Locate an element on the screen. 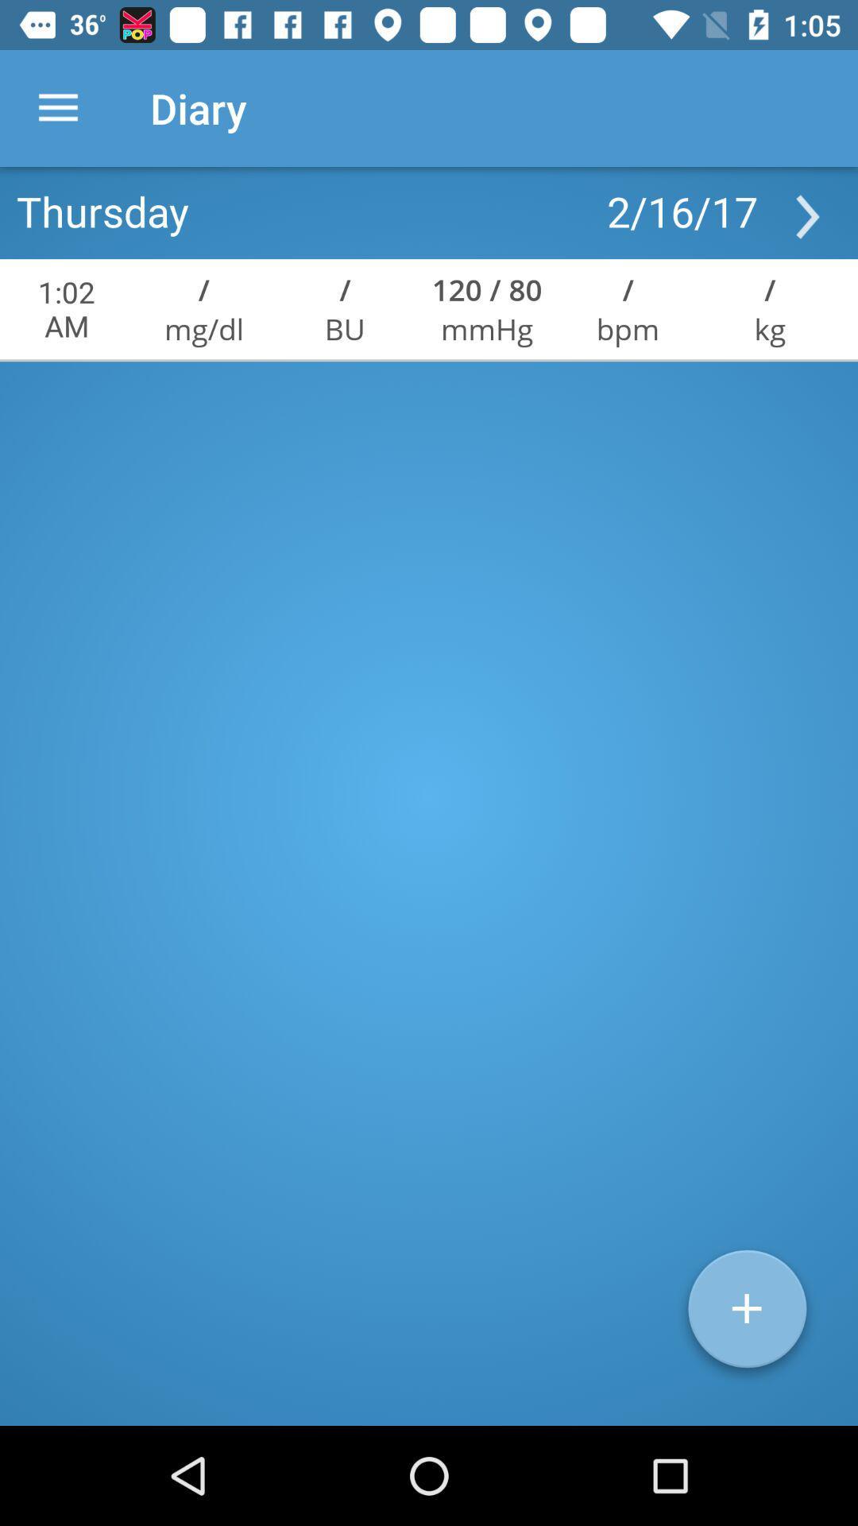  the thursday item is located at coordinates (102, 210).